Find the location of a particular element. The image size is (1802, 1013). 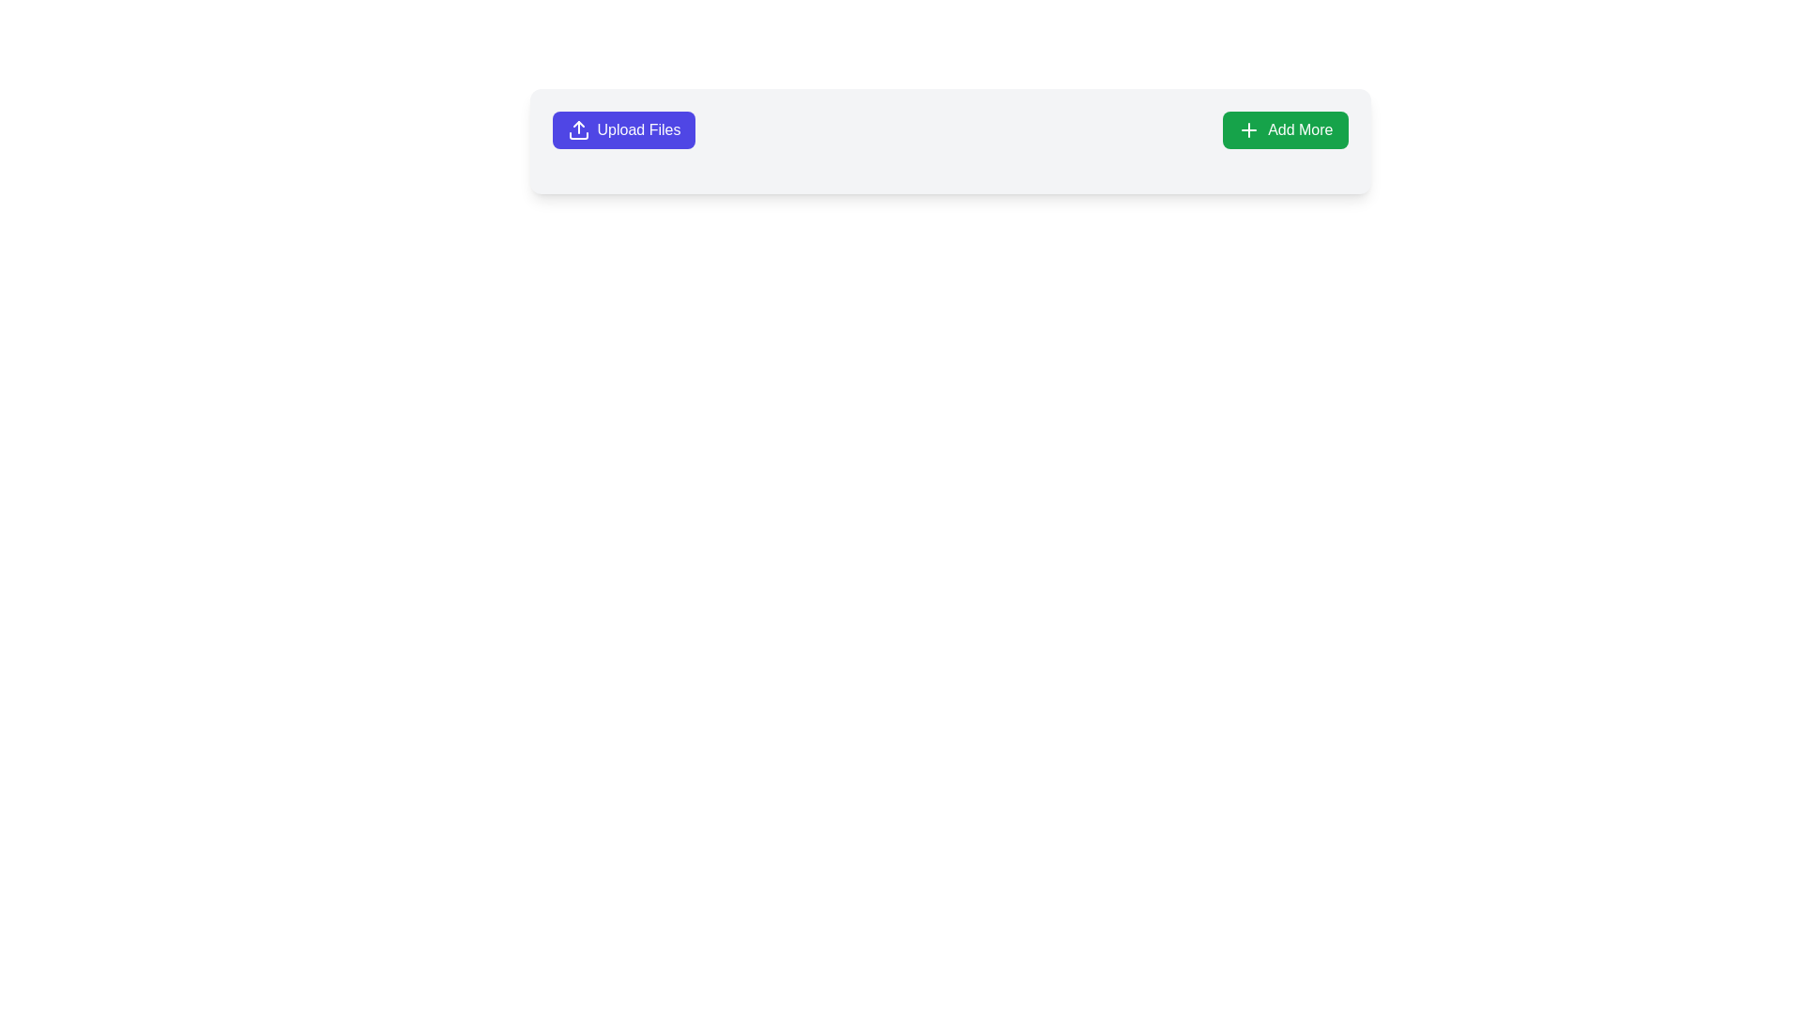

the white '+' icon located on the green circular background, which is the leftmost element of the 'Add More' button is located at coordinates (1249, 129).